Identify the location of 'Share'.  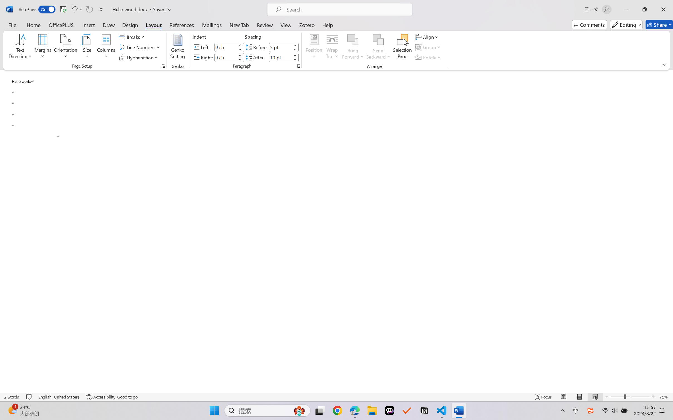
(659, 24).